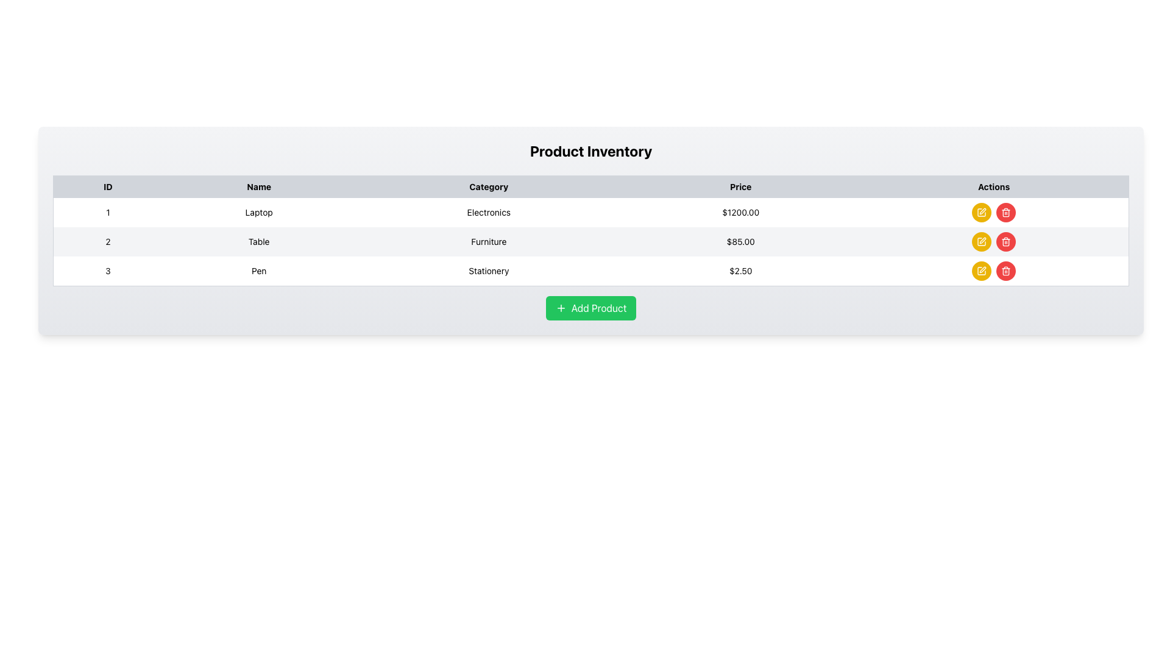 The height and width of the screenshot is (658, 1170). What do you see at coordinates (1006, 242) in the screenshot?
I see `the delete button in the second row of the data table, which is the second button in the rightmost 'Actions' column next to the yellow edit button` at bounding box center [1006, 242].